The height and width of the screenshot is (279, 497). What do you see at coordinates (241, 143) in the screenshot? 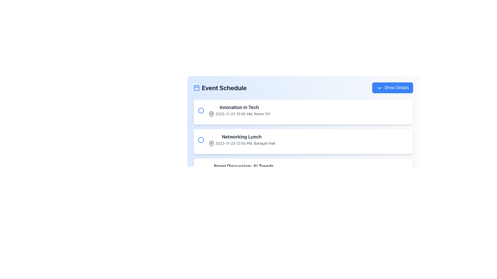
I see `the text label reading '2023-11-23 12:00 PM, Banquet Hall' which is styled with gray text and accompanied by a map pin icon, located below the 'Networking Lunch' title in the second card of the schedule layout` at bounding box center [241, 143].